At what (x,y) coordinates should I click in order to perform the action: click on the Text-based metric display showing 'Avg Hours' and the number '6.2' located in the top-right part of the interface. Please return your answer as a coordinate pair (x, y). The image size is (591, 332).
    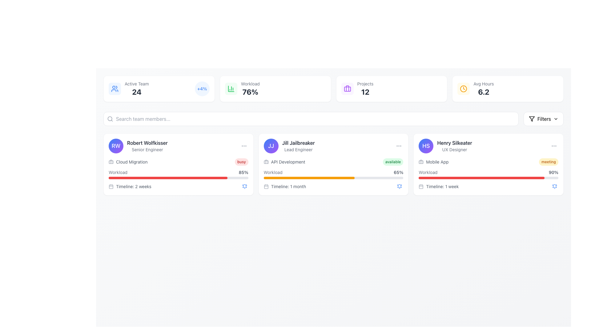
    Looking at the image, I should click on (483, 89).